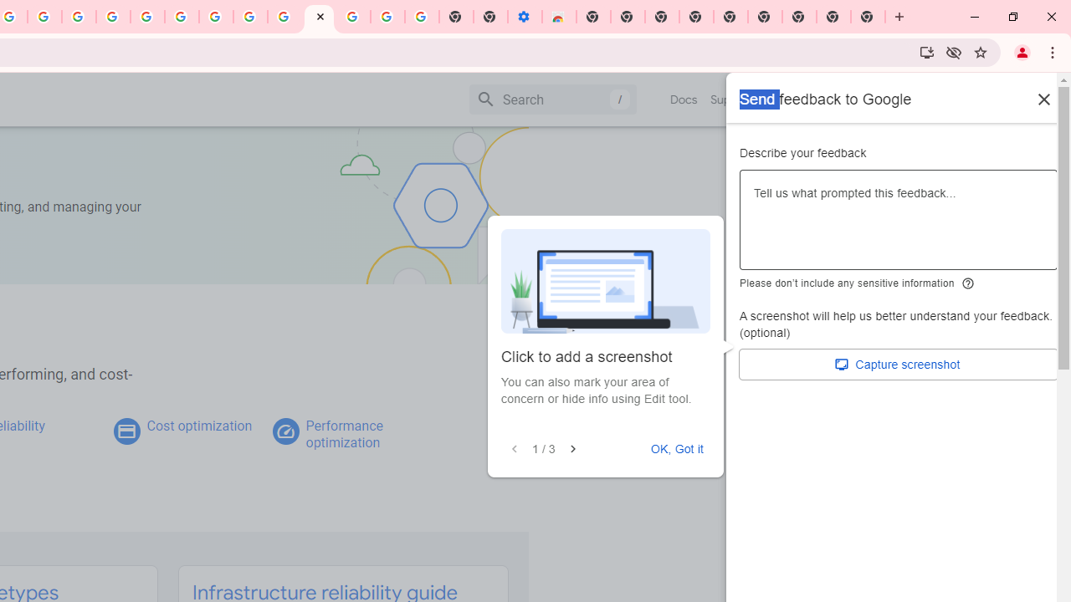 The height and width of the screenshot is (602, 1071). Describe the element at coordinates (869, 17) in the screenshot. I see `'New Tab'` at that location.